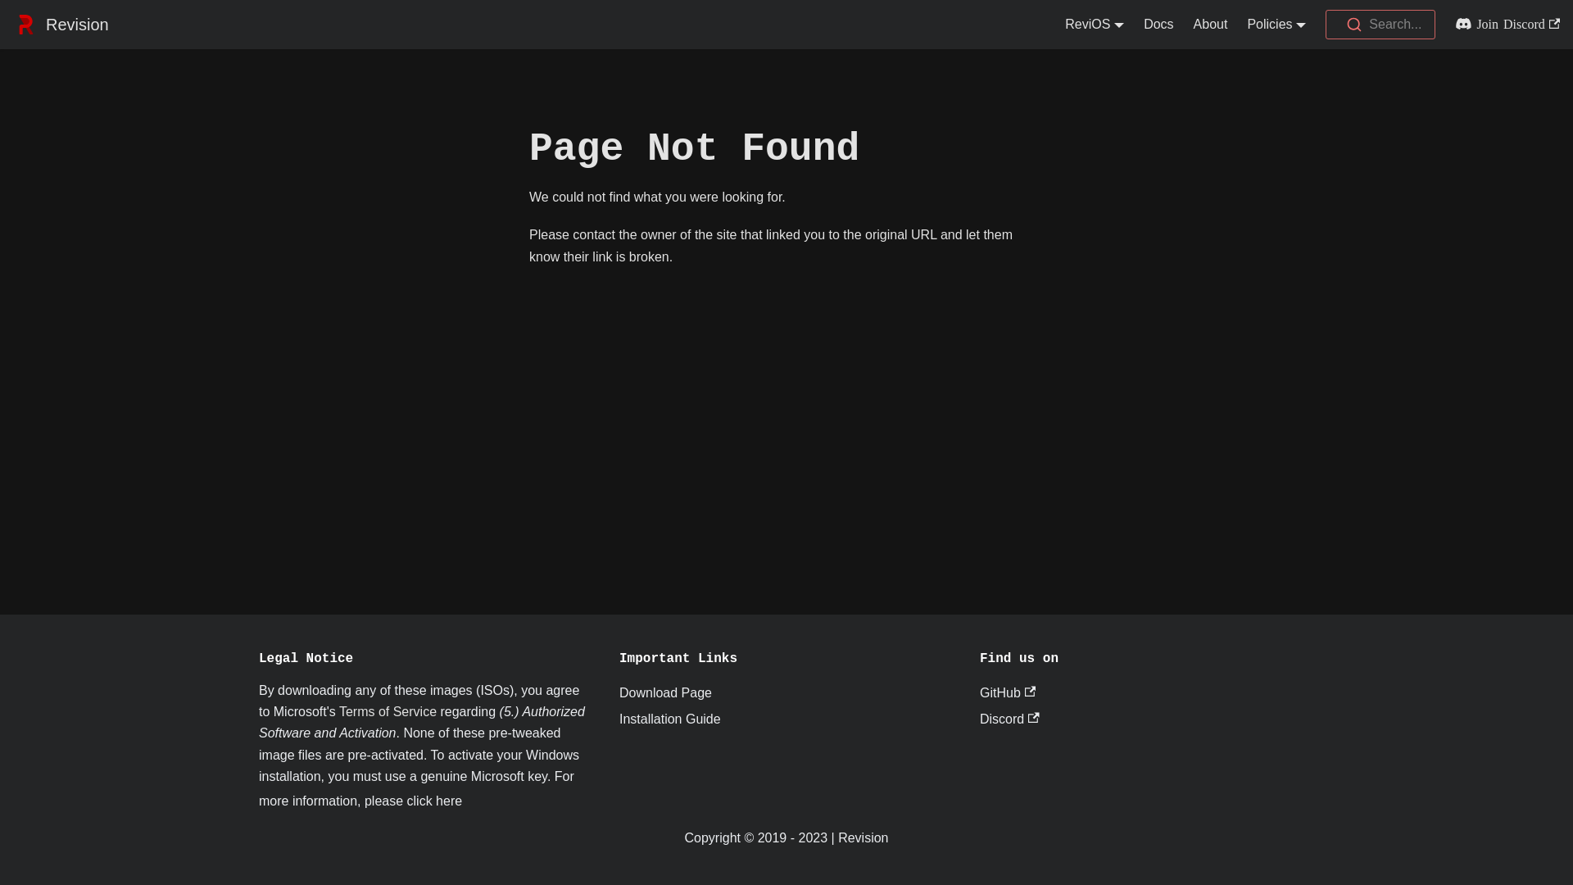  I want to click on 'Join Discord', so click(1444, 25).